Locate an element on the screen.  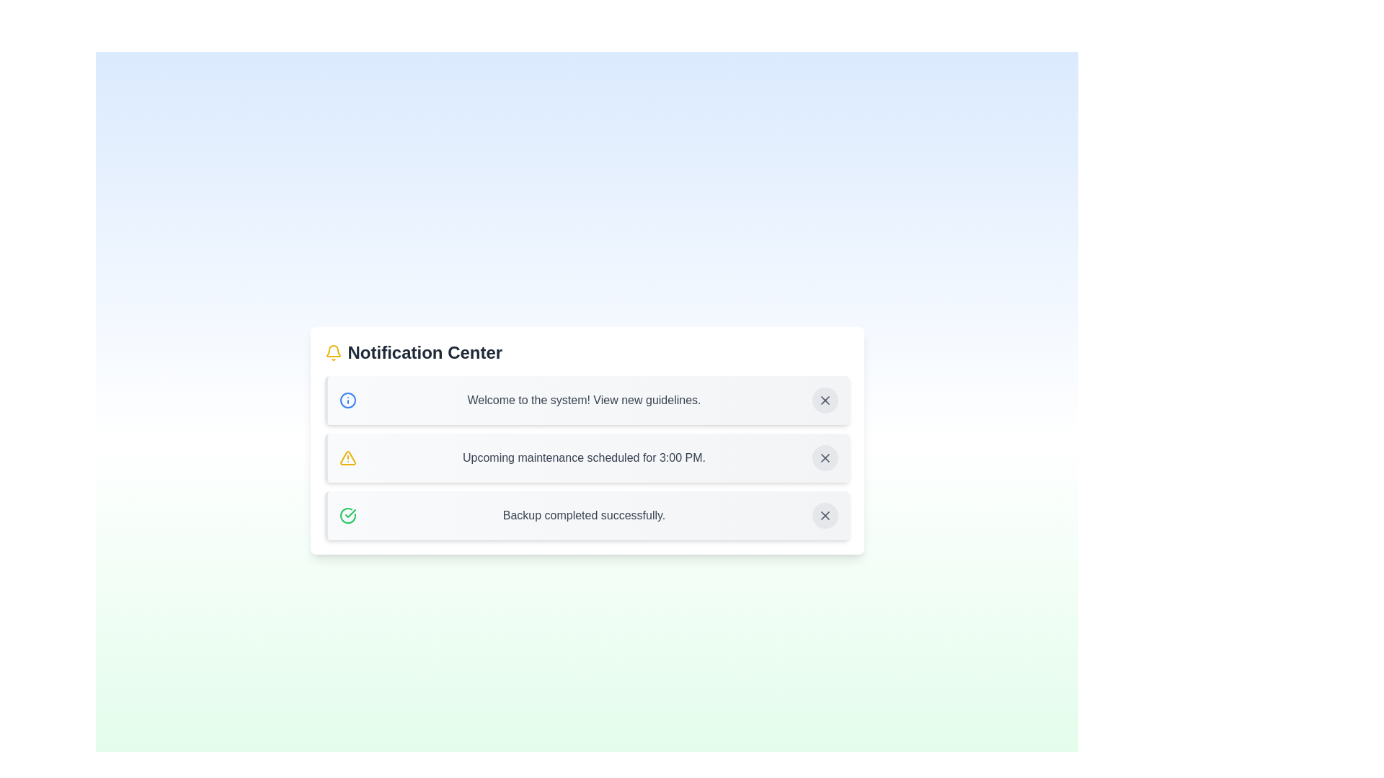
the informational text label that provides a welcoming message and directs users is located at coordinates (584, 400).